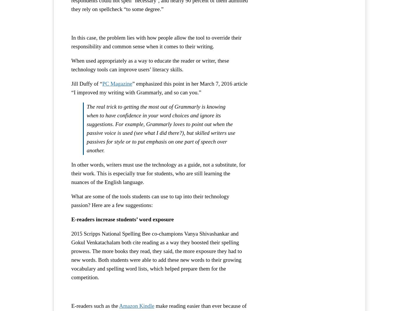 This screenshot has height=311, width=419. Describe the element at coordinates (156, 255) in the screenshot. I see `'2015 Scripps National Spelling Bee co-champions Vanya Shivashankar and Gokul Venkatachalam both cite reading as a way they boosted their spelling prowess. The more books they read, they said, the more exposure they had to new words. Both students were able to add these new words to their growing vocabulary and spelling word lists, which helped prepare them for the competition.'` at that location.